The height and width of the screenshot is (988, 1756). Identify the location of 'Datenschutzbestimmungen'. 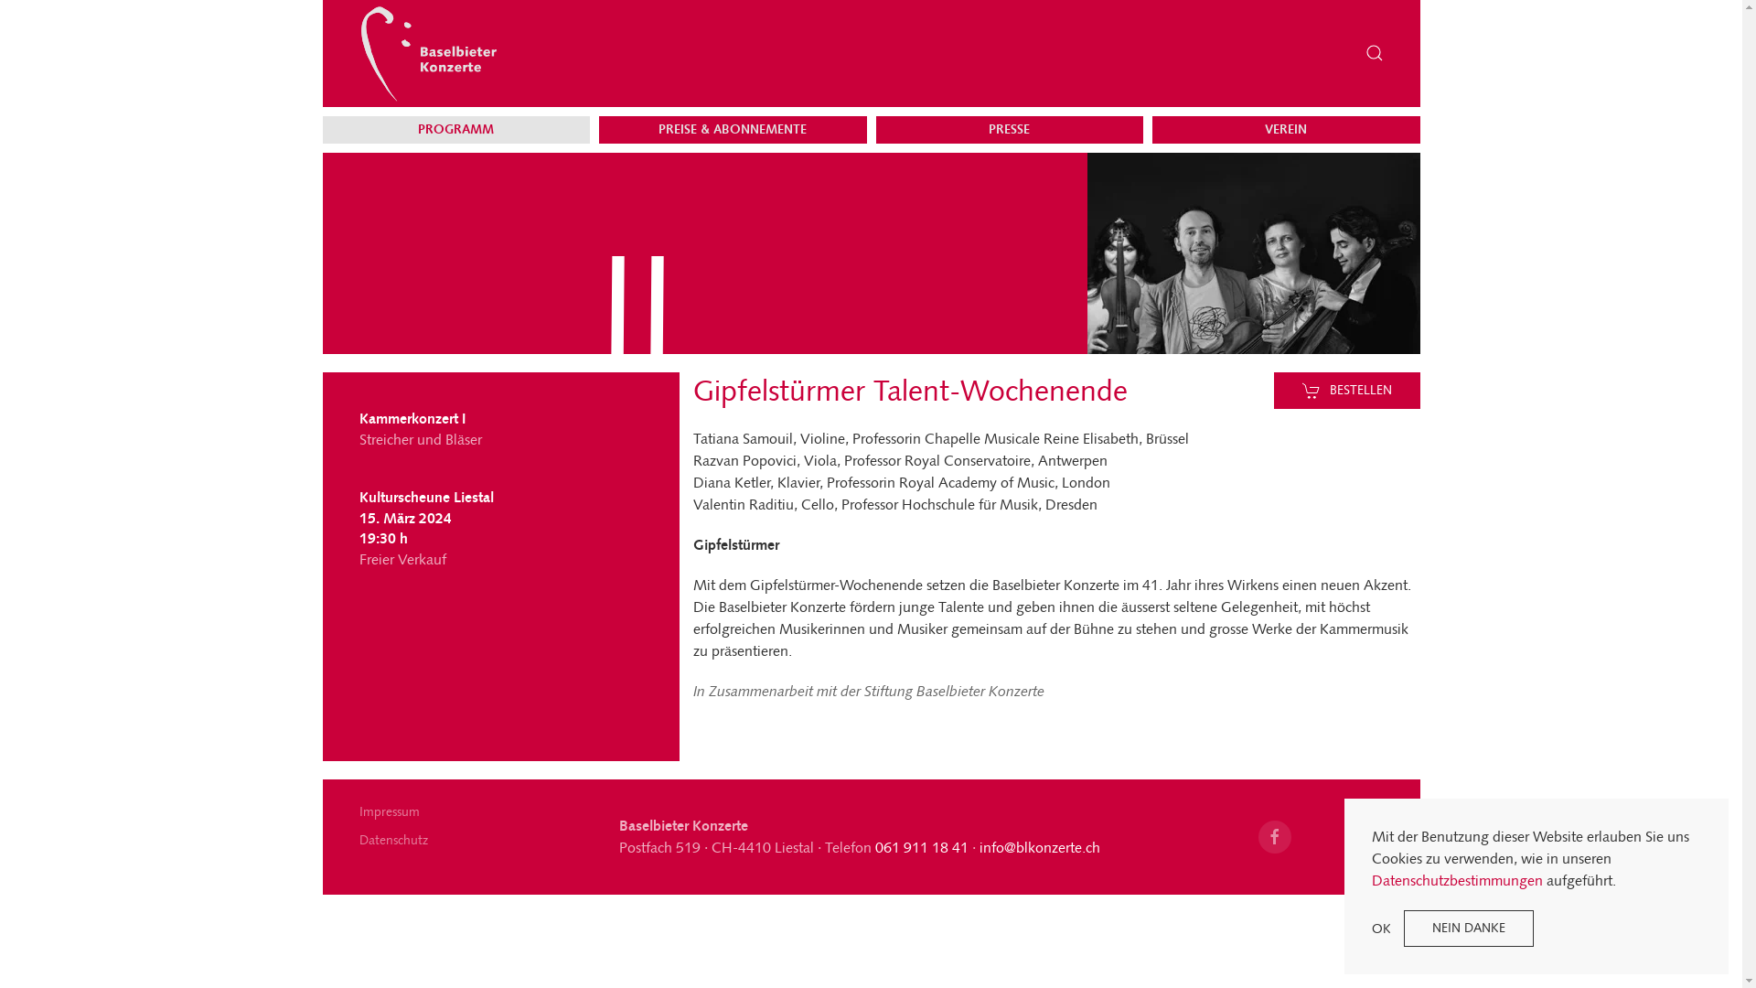
(1371, 879).